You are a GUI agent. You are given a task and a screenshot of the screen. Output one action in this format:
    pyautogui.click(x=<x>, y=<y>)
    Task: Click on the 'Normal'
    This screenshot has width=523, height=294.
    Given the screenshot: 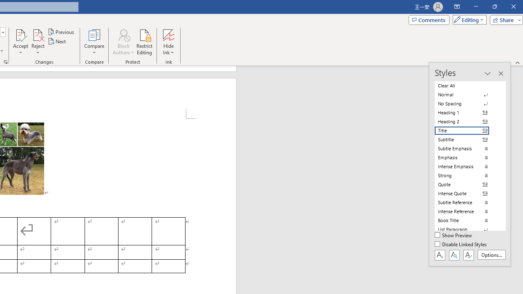 What is the action you would take?
    pyautogui.click(x=467, y=94)
    